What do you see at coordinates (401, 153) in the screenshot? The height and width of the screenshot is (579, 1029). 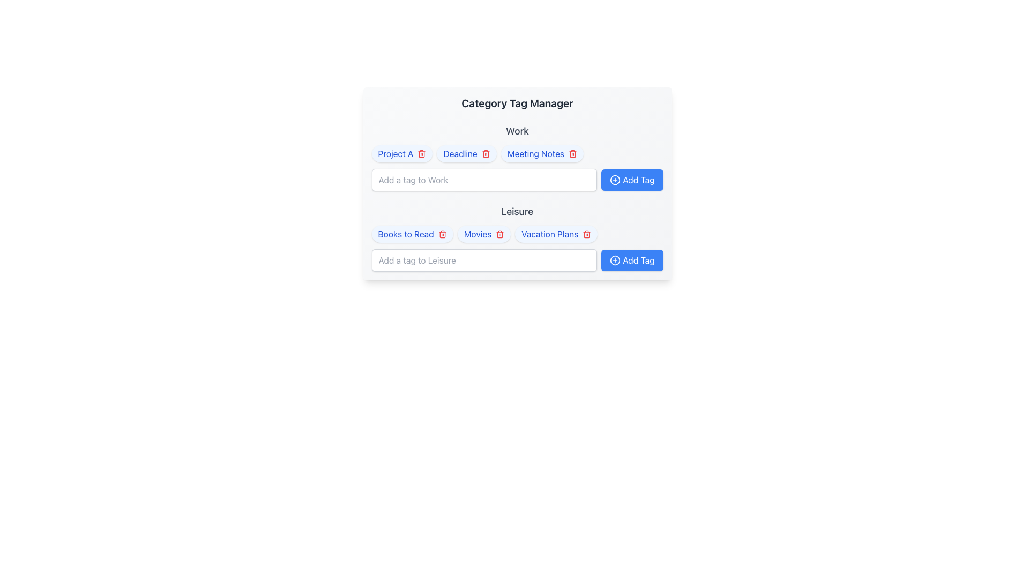 I see `the interactive badge labeled 'Project A' with a light blue background and a red trash icon in the 'Category Tag Manager' interface` at bounding box center [401, 153].